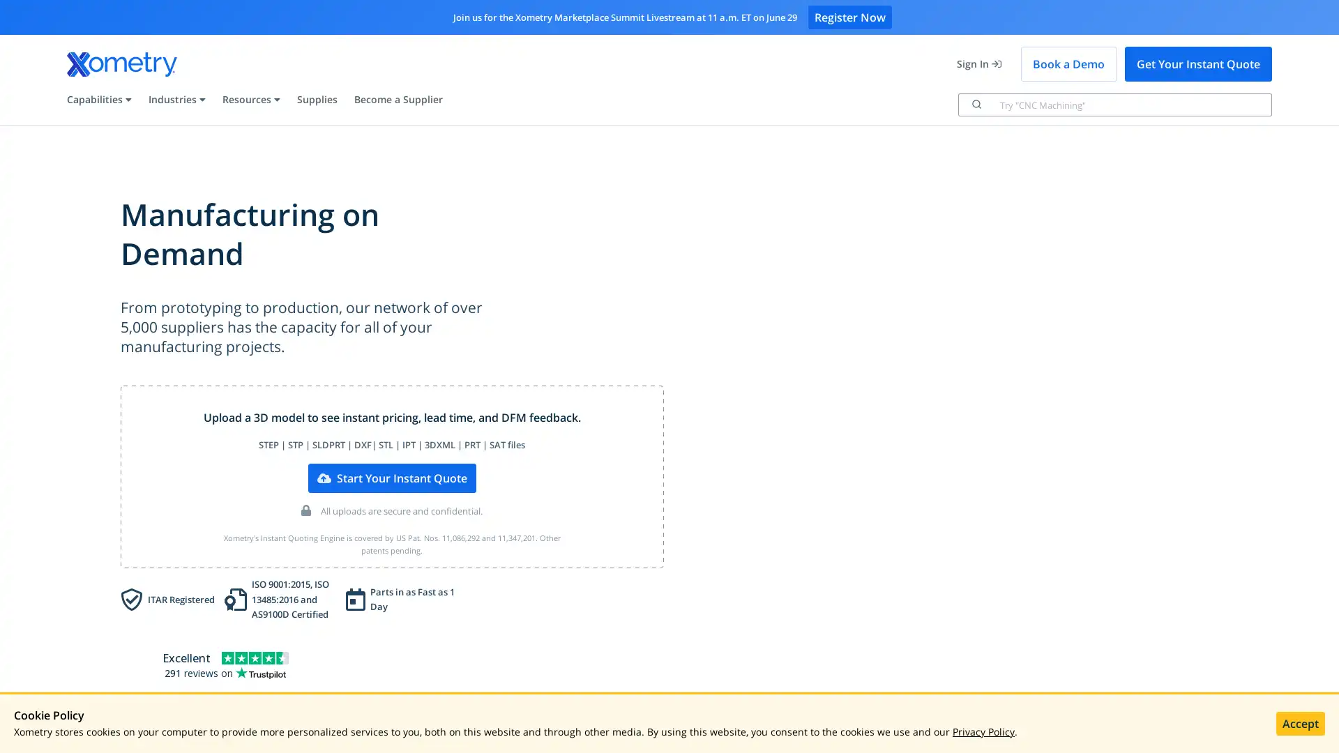 Image resolution: width=1339 pixels, height=753 pixels. I want to click on Accept, so click(1300, 722).